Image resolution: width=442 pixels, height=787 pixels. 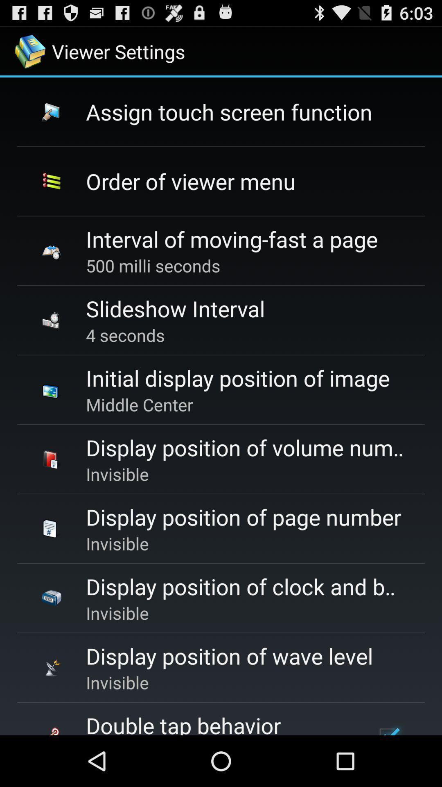 I want to click on the item next to the double tap behavior, so click(x=388, y=728).